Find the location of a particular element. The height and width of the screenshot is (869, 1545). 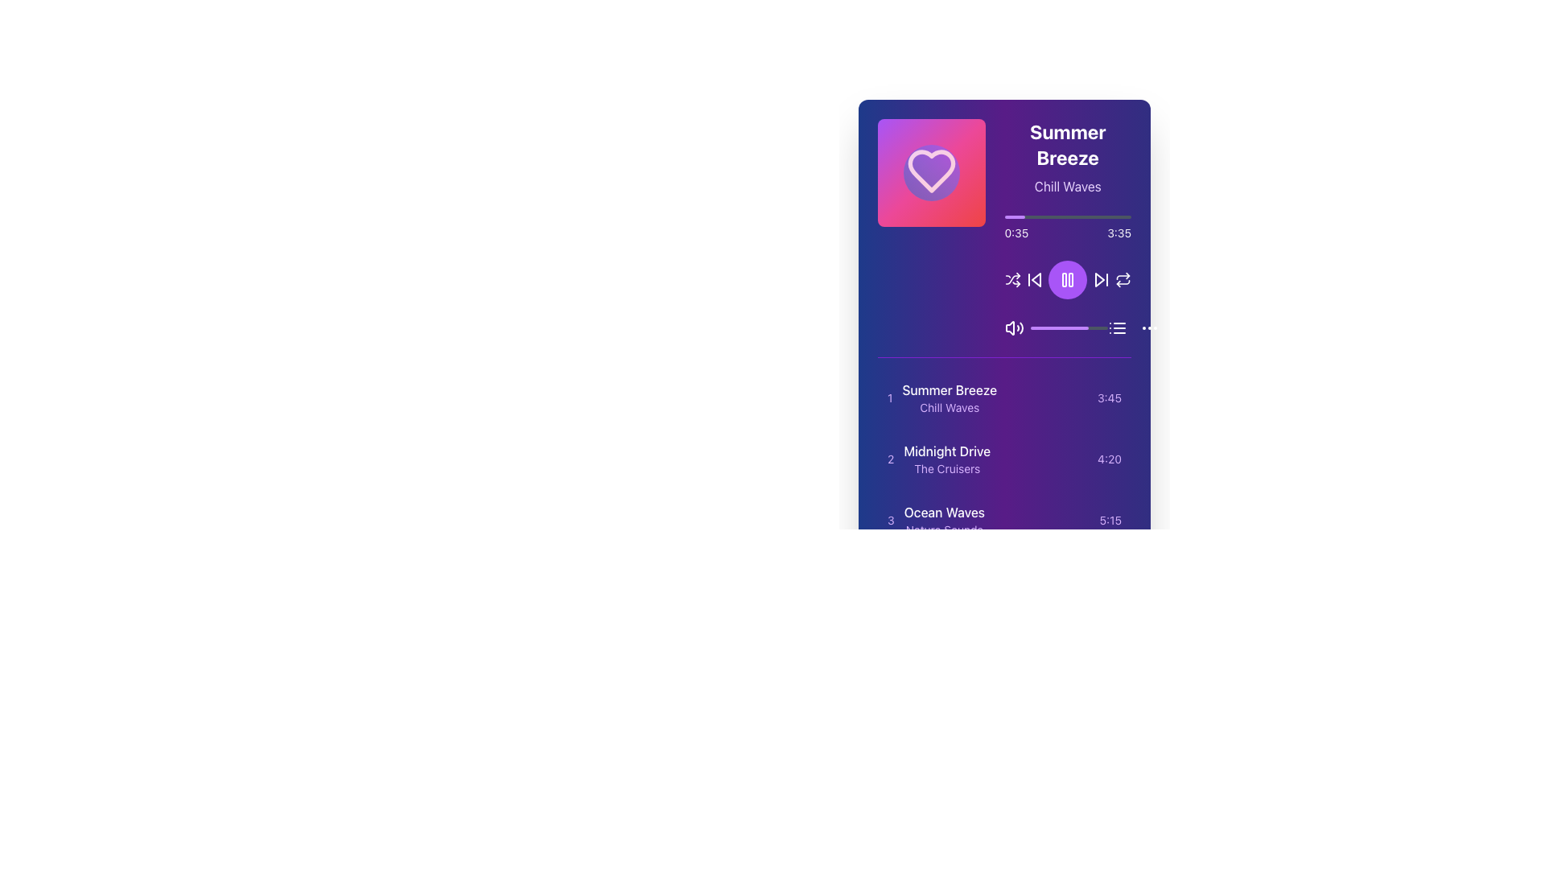

the menu toggle button located at the lower-right corner of the music player interface is located at coordinates (1116, 327).